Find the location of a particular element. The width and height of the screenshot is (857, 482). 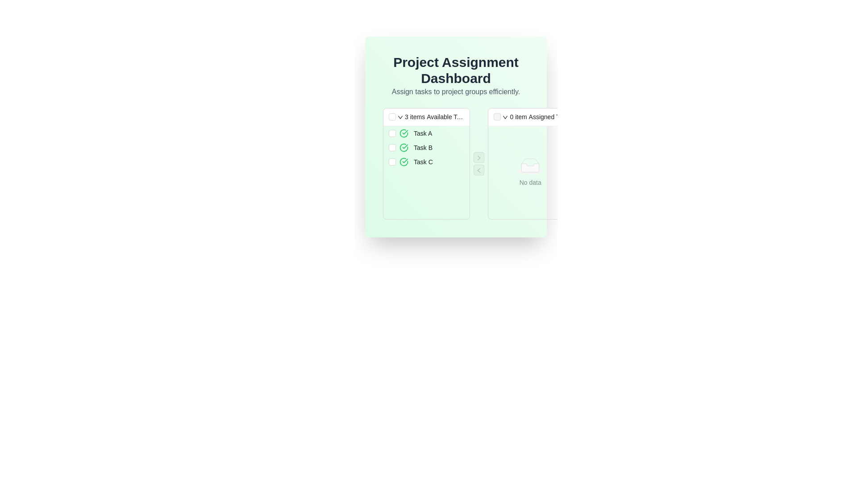

the checkbox of the second task item in the interactive list, located below 'Task A' and above 'Task C' is located at coordinates (426, 147).